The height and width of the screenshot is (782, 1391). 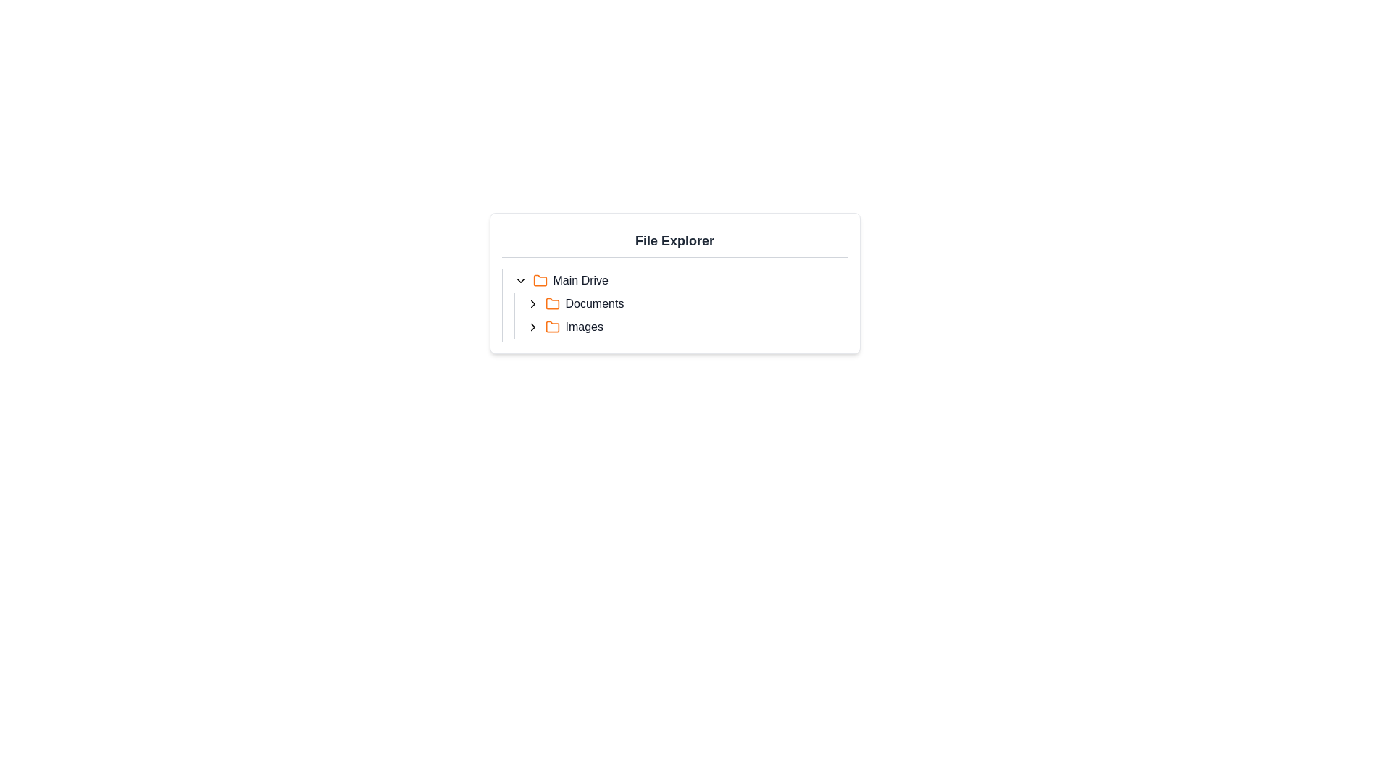 What do you see at coordinates (532, 327) in the screenshot?
I see `the small, right-pointing black arrow icon adjacent to the text 'Images'` at bounding box center [532, 327].